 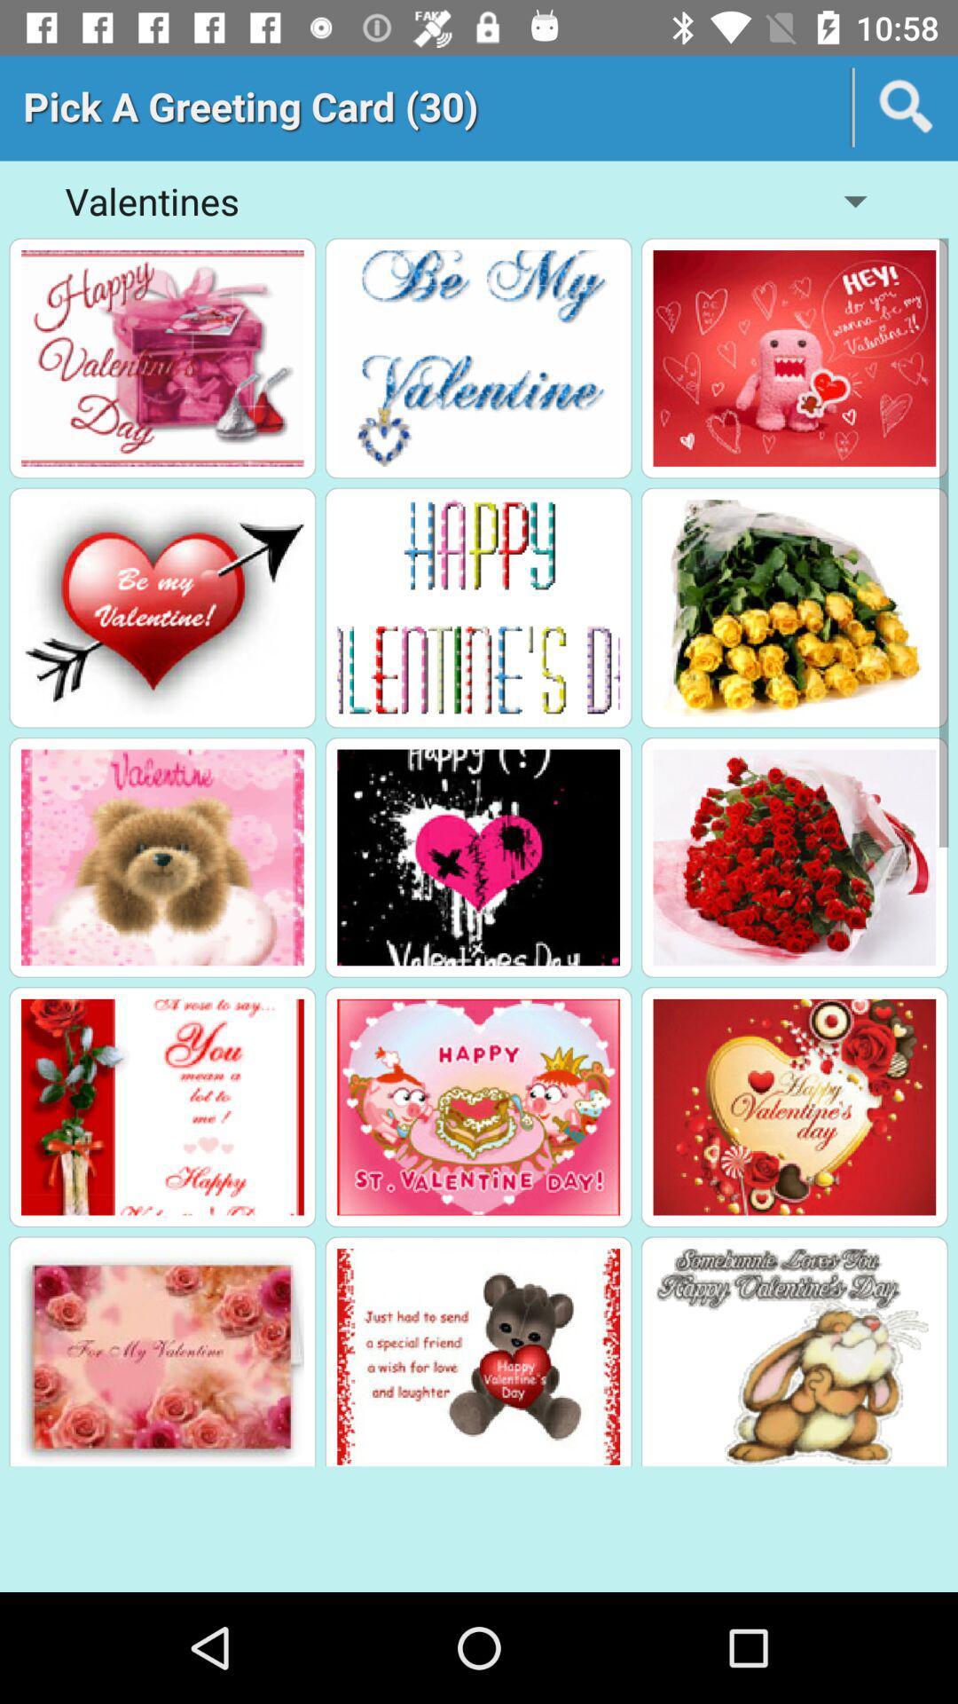 What do you see at coordinates (477, 608) in the screenshot?
I see `to more like that` at bounding box center [477, 608].